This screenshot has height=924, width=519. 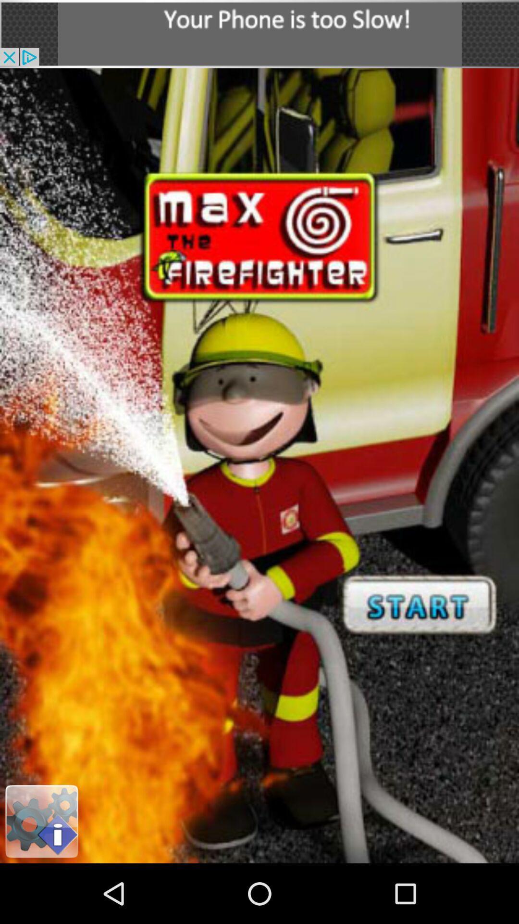 What do you see at coordinates (259, 465) in the screenshot?
I see `start` at bounding box center [259, 465].